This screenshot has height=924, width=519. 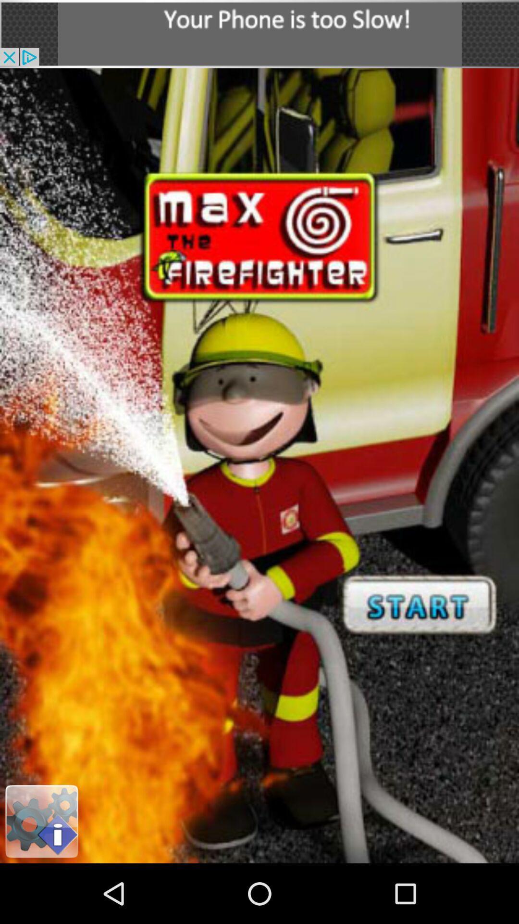 What do you see at coordinates (259, 465) in the screenshot?
I see `start` at bounding box center [259, 465].